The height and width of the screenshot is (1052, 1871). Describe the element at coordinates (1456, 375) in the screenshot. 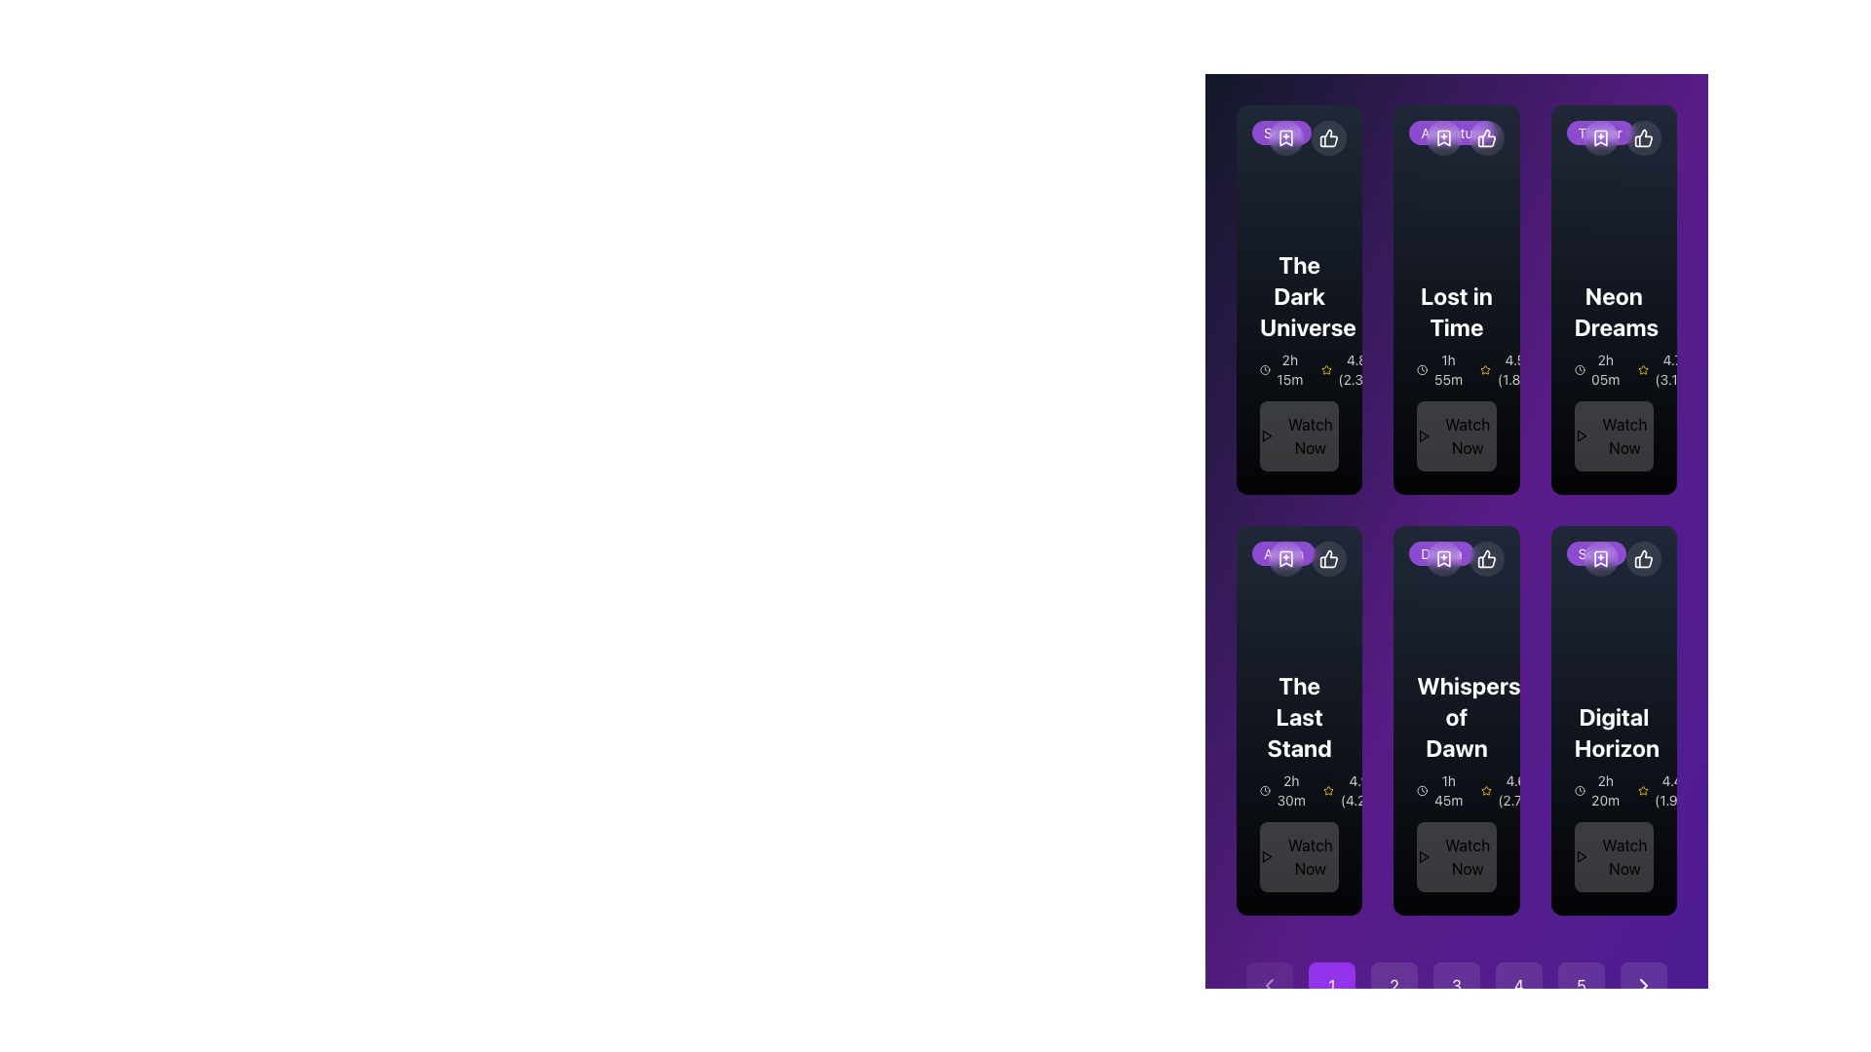

I see `movie information displayed on the card for 'Lost in Time' which includes the title, duration, and rating` at that location.